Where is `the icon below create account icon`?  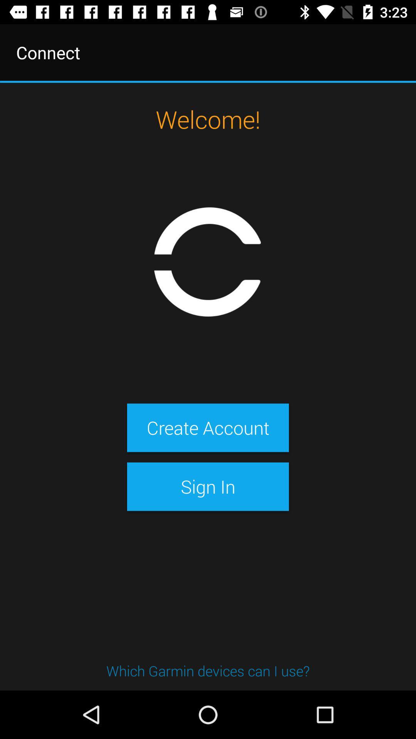 the icon below create account icon is located at coordinates (208, 486).